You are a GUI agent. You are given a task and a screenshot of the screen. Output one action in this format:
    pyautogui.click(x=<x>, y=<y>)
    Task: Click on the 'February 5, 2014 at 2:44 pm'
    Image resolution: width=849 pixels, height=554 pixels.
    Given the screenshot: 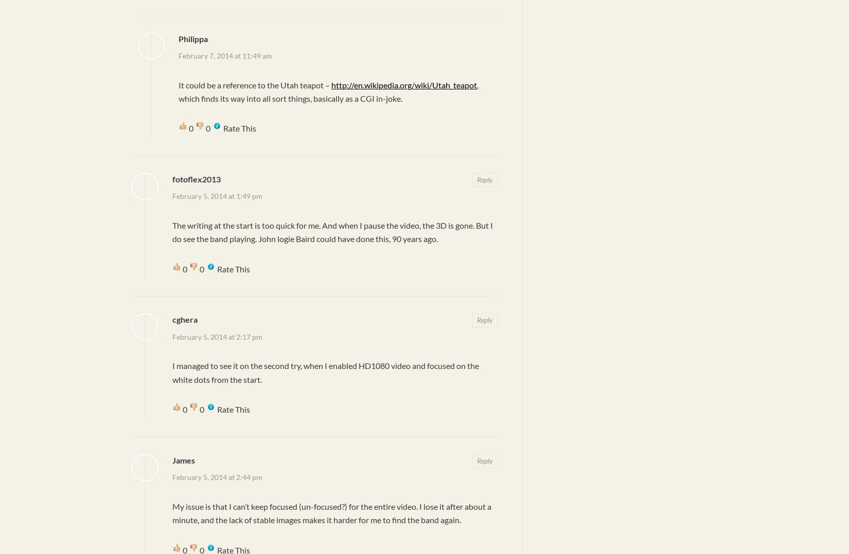 What is the action you would take?
    pyautogui.click(x=217, y=476)
    